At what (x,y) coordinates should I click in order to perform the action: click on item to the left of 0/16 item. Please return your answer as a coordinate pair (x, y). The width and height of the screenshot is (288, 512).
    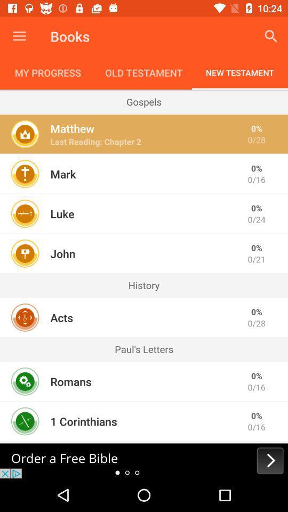
    Looking at the image, I should click on (83, 421).